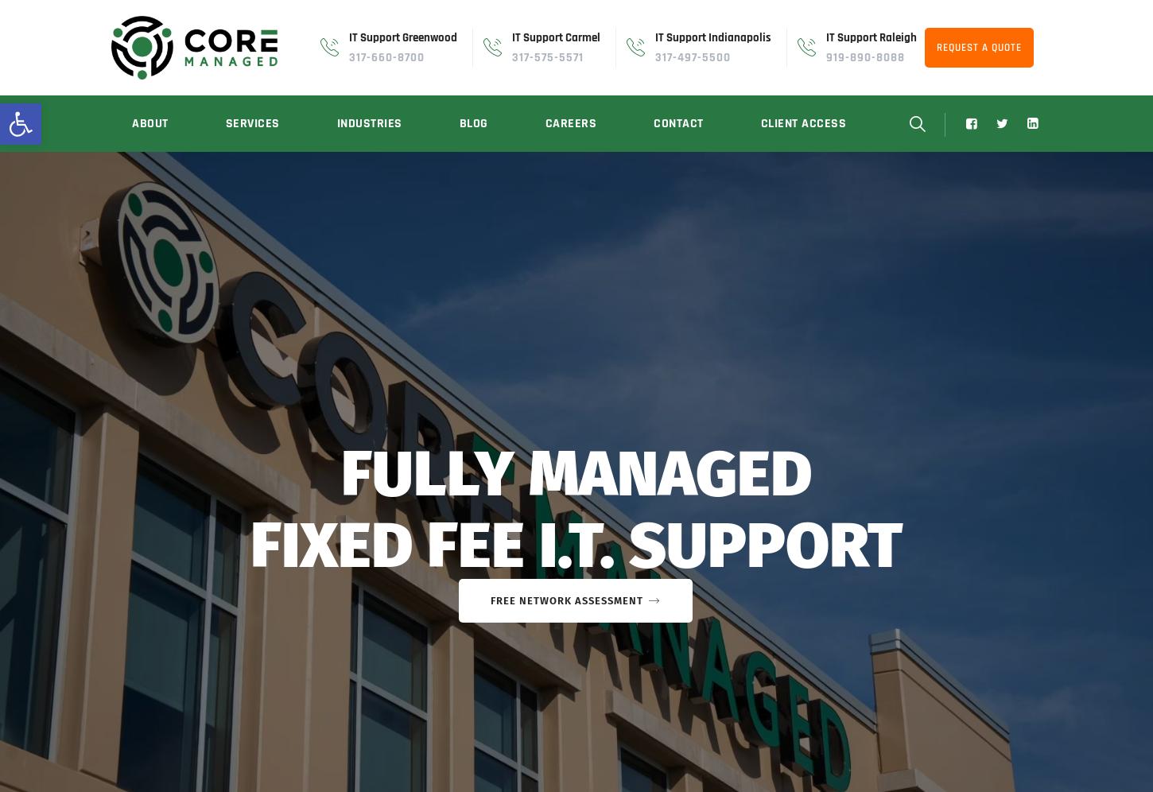 This screenshot has width=1153, height=792. Describe the element at coordinates (576, 474) in the screenshot. I see `'Fully Managed'` at that location.